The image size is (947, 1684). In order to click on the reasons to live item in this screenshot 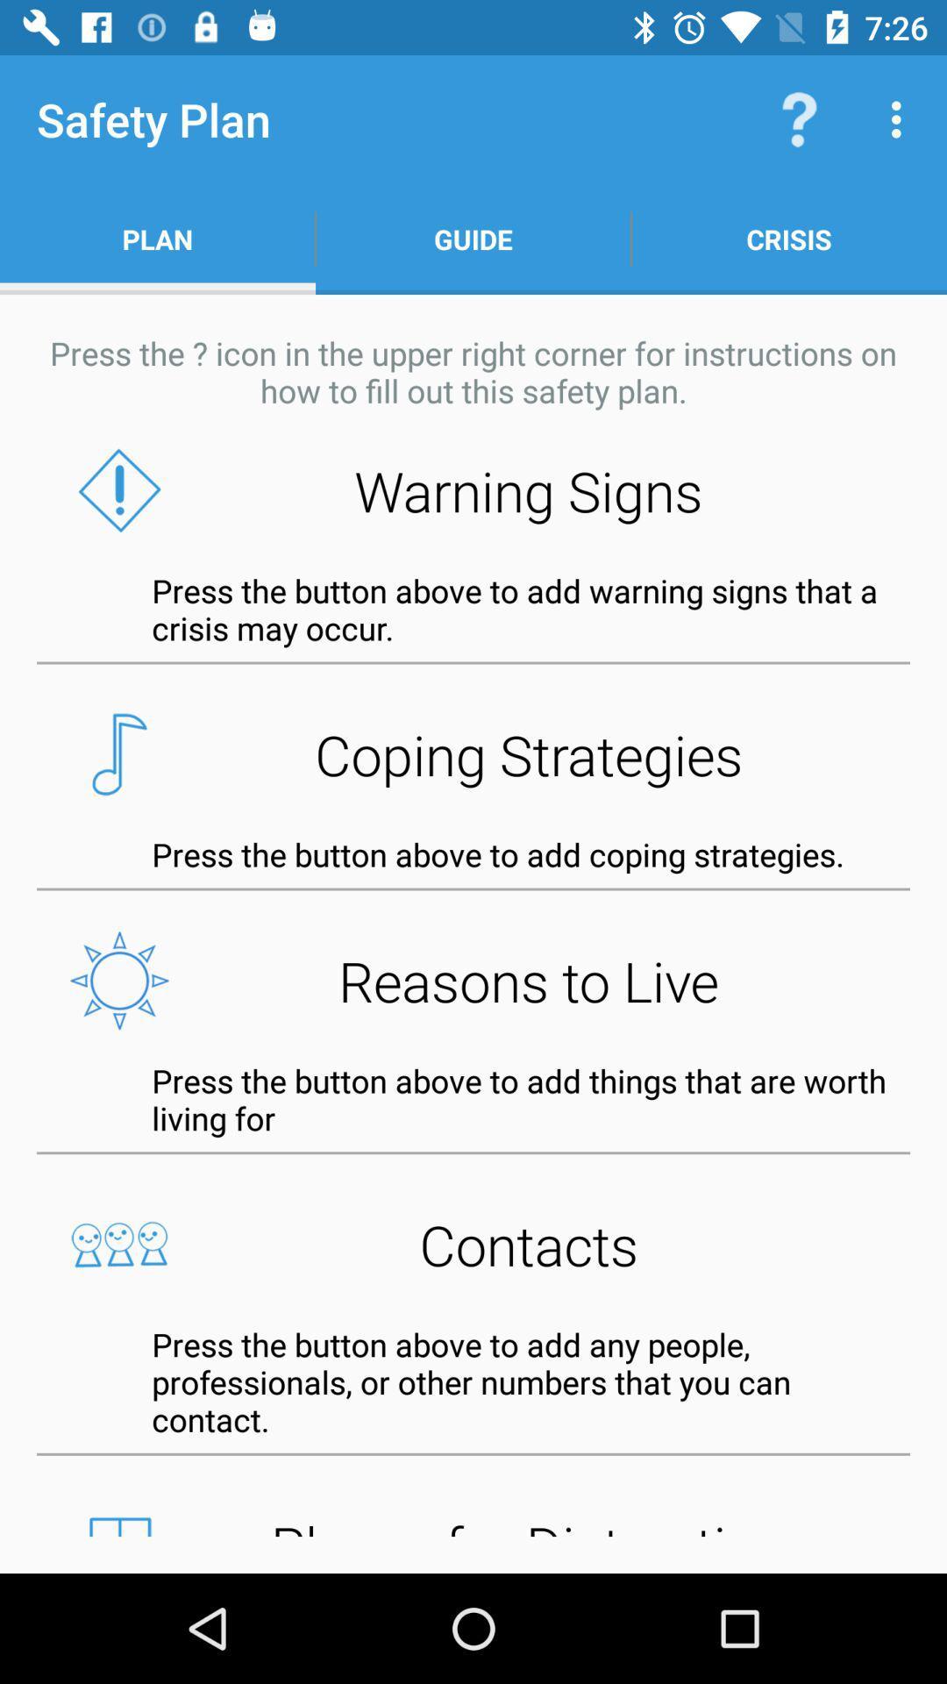, I will do `click(473, 980)`.